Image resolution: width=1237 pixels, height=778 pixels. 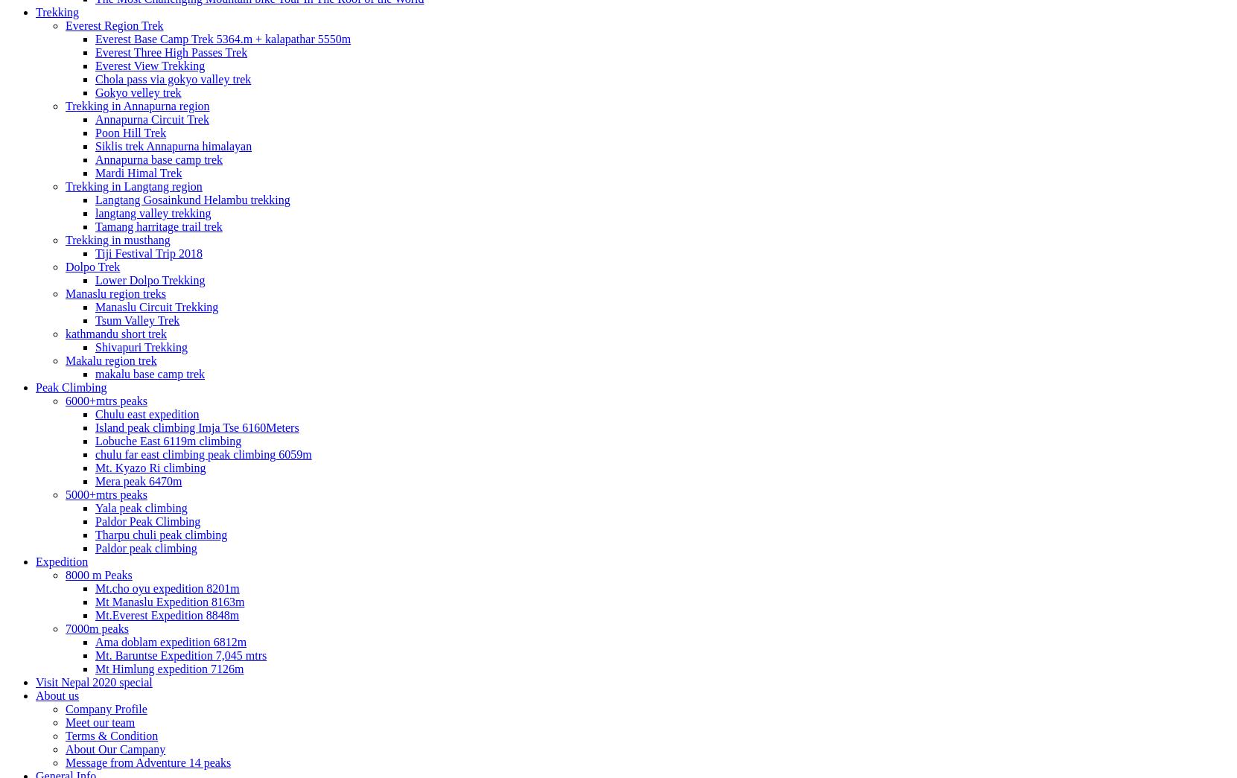 I want to click on 'Everest Base Camp Trek 5364.m  + kalapathar 5550m', so click(x=95, y=37).